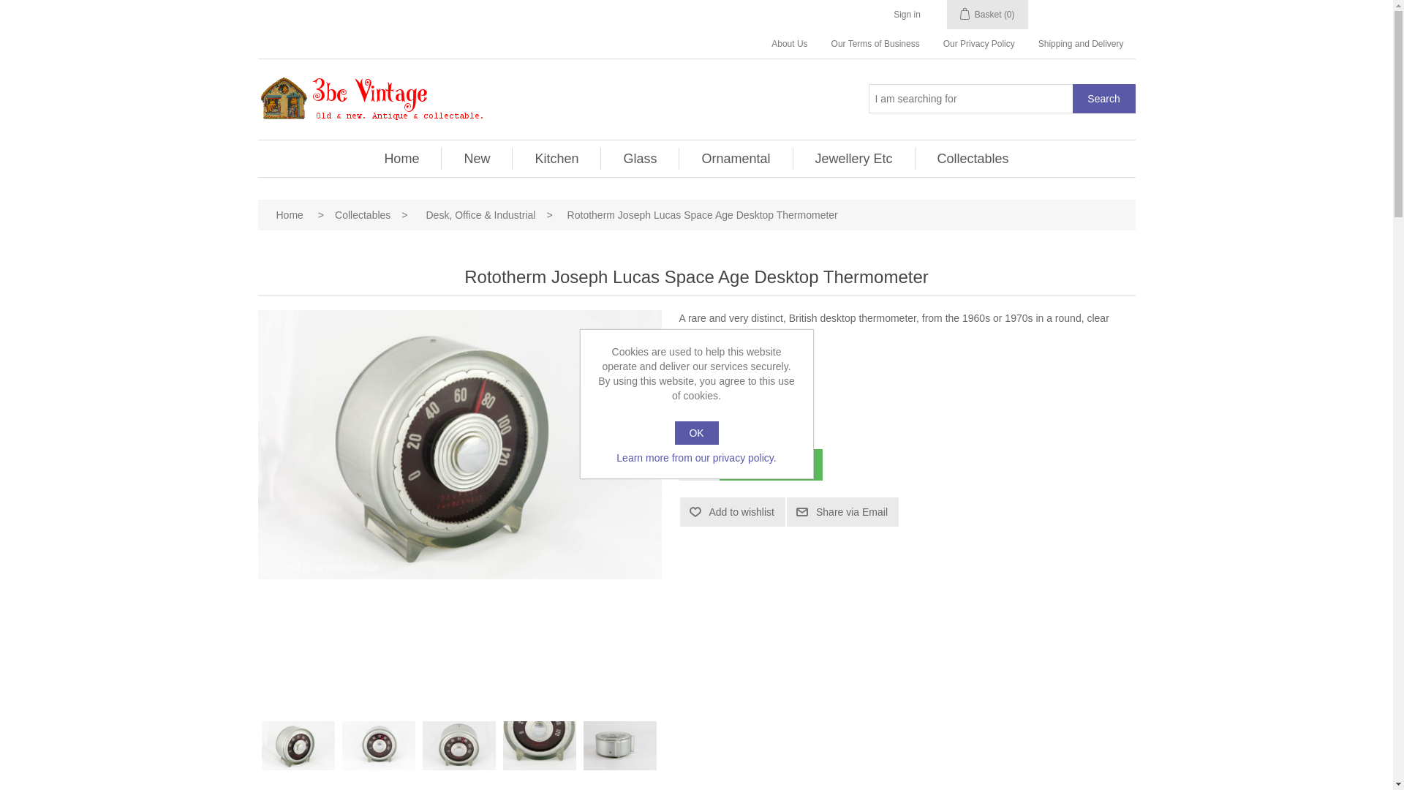 The width and height of the screenshot is (1404, 790). What do you see at coordinates (695, 432) in the screenshot?
I see `'OK'` at bounding box center [695, 432].